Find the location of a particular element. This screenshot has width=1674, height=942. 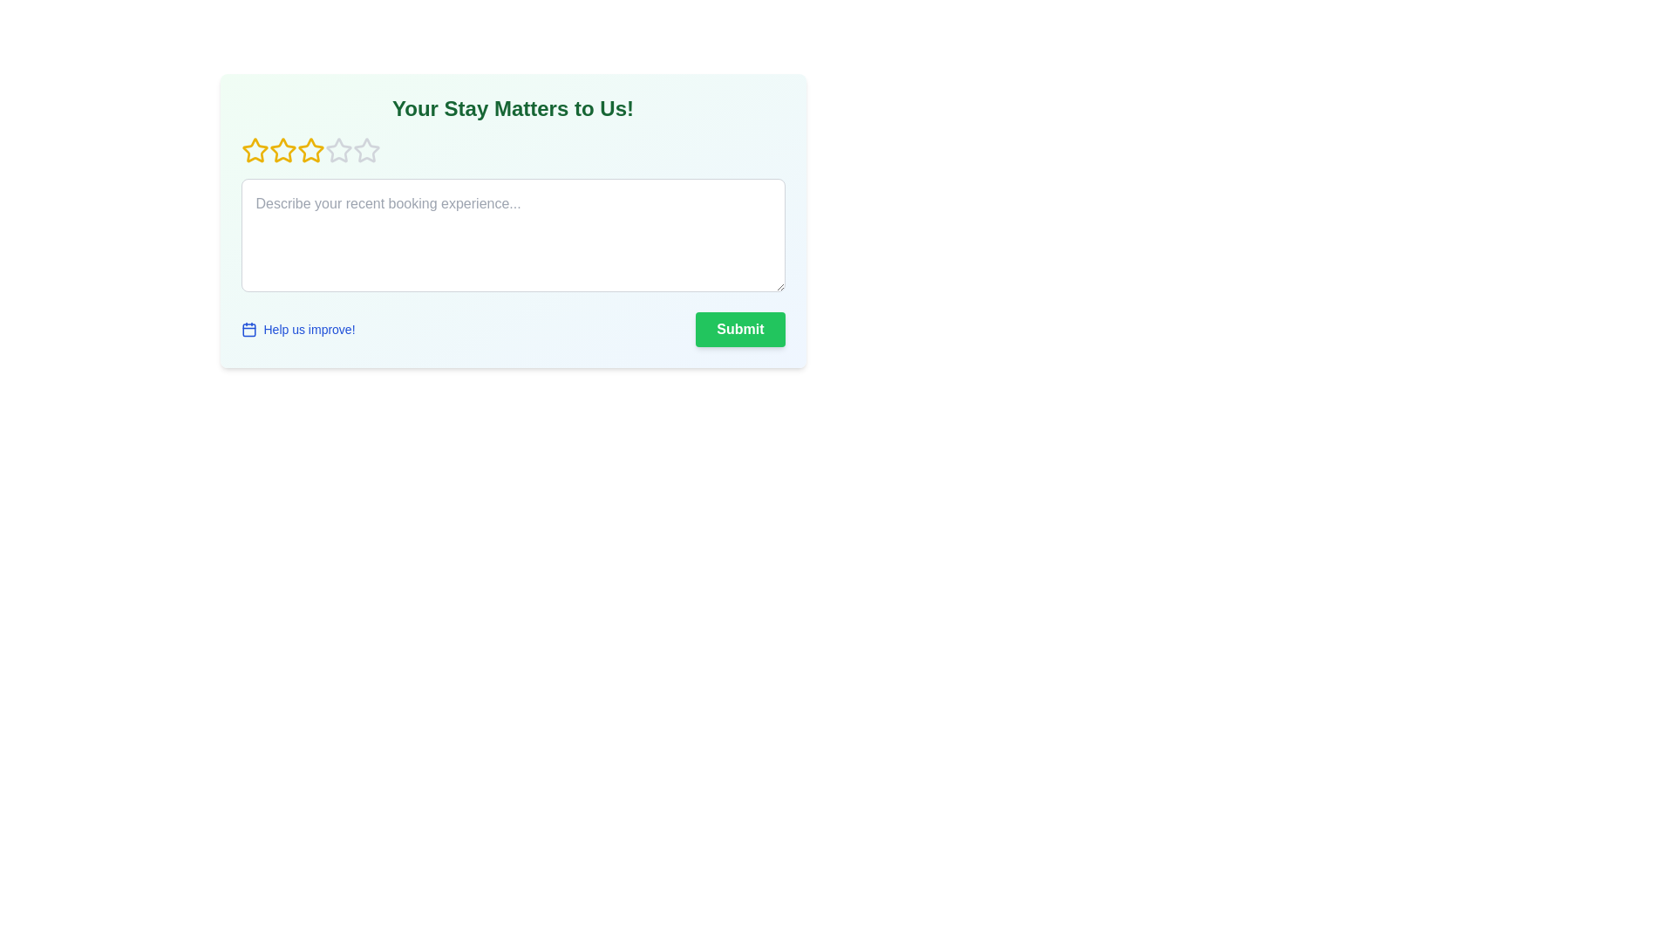

the 'Help us improve!' link is located at coordinates (297, 330).